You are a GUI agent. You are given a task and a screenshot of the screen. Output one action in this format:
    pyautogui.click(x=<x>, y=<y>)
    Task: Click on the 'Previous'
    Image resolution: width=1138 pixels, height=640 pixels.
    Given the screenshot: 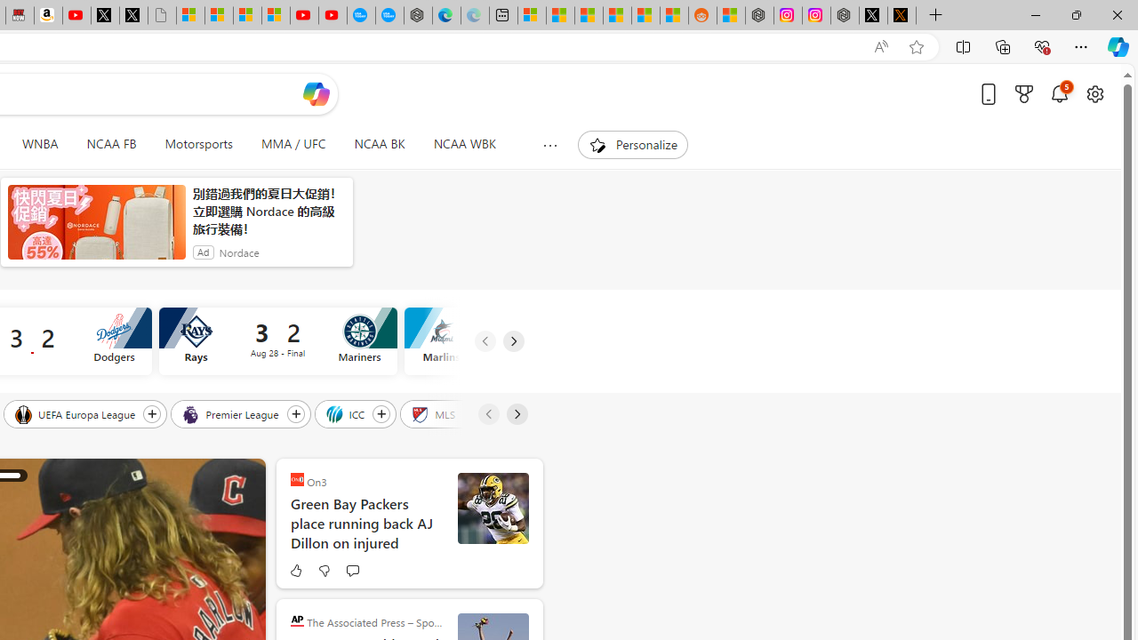 What is the action you would take?
    pyautogui.click(x=488, y=413)
    